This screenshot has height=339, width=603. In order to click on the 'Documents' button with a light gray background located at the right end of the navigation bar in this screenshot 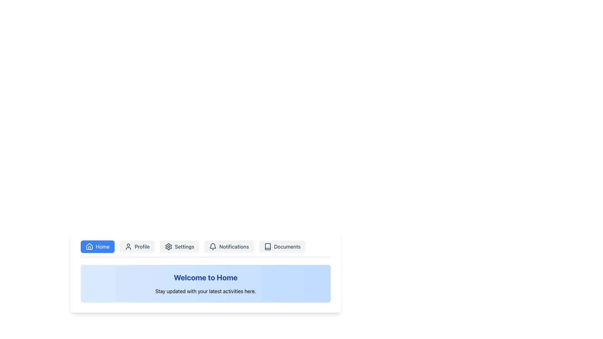, I will do `click(282, 246)`.